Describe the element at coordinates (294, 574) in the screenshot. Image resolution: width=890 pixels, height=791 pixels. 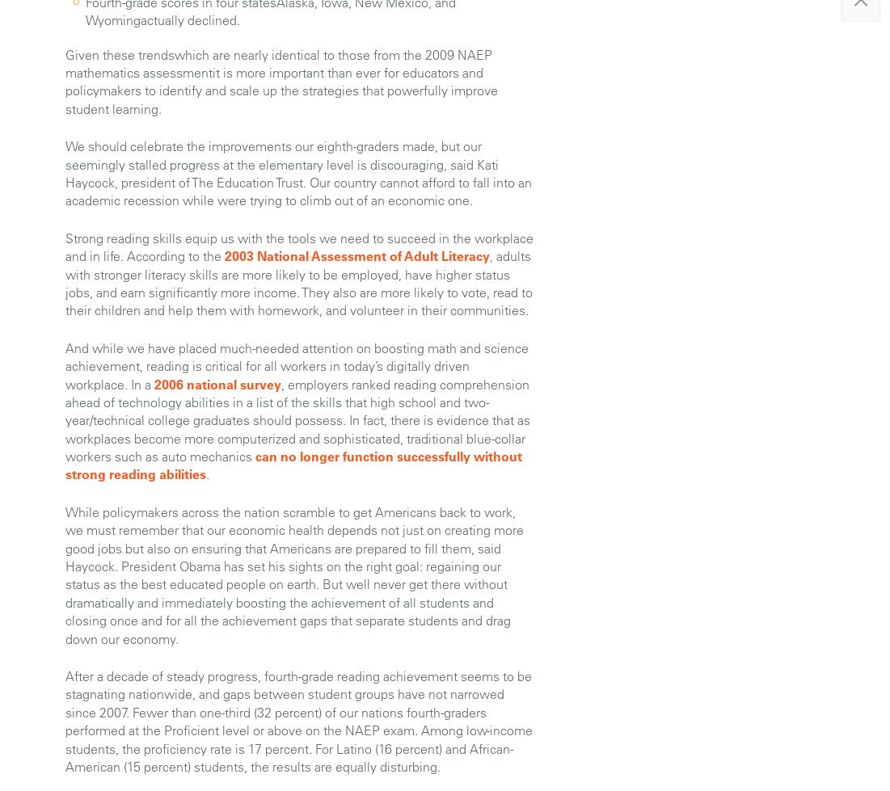
I see `'While policymakers across the nation scramble to get Americans back to work, we must remember that our economic health depends not just on creating more good jobs but also on ensuring that Americans are prepared to fill them, said Haycock. President Obama has set his sights on the right goal: regaining our status as the best educated people on earth. But well never get there without dramatically and immediately boosting the achievement of all students and closing once and for all the achievement gaps that separate students and drag down our economy.'` at that location.